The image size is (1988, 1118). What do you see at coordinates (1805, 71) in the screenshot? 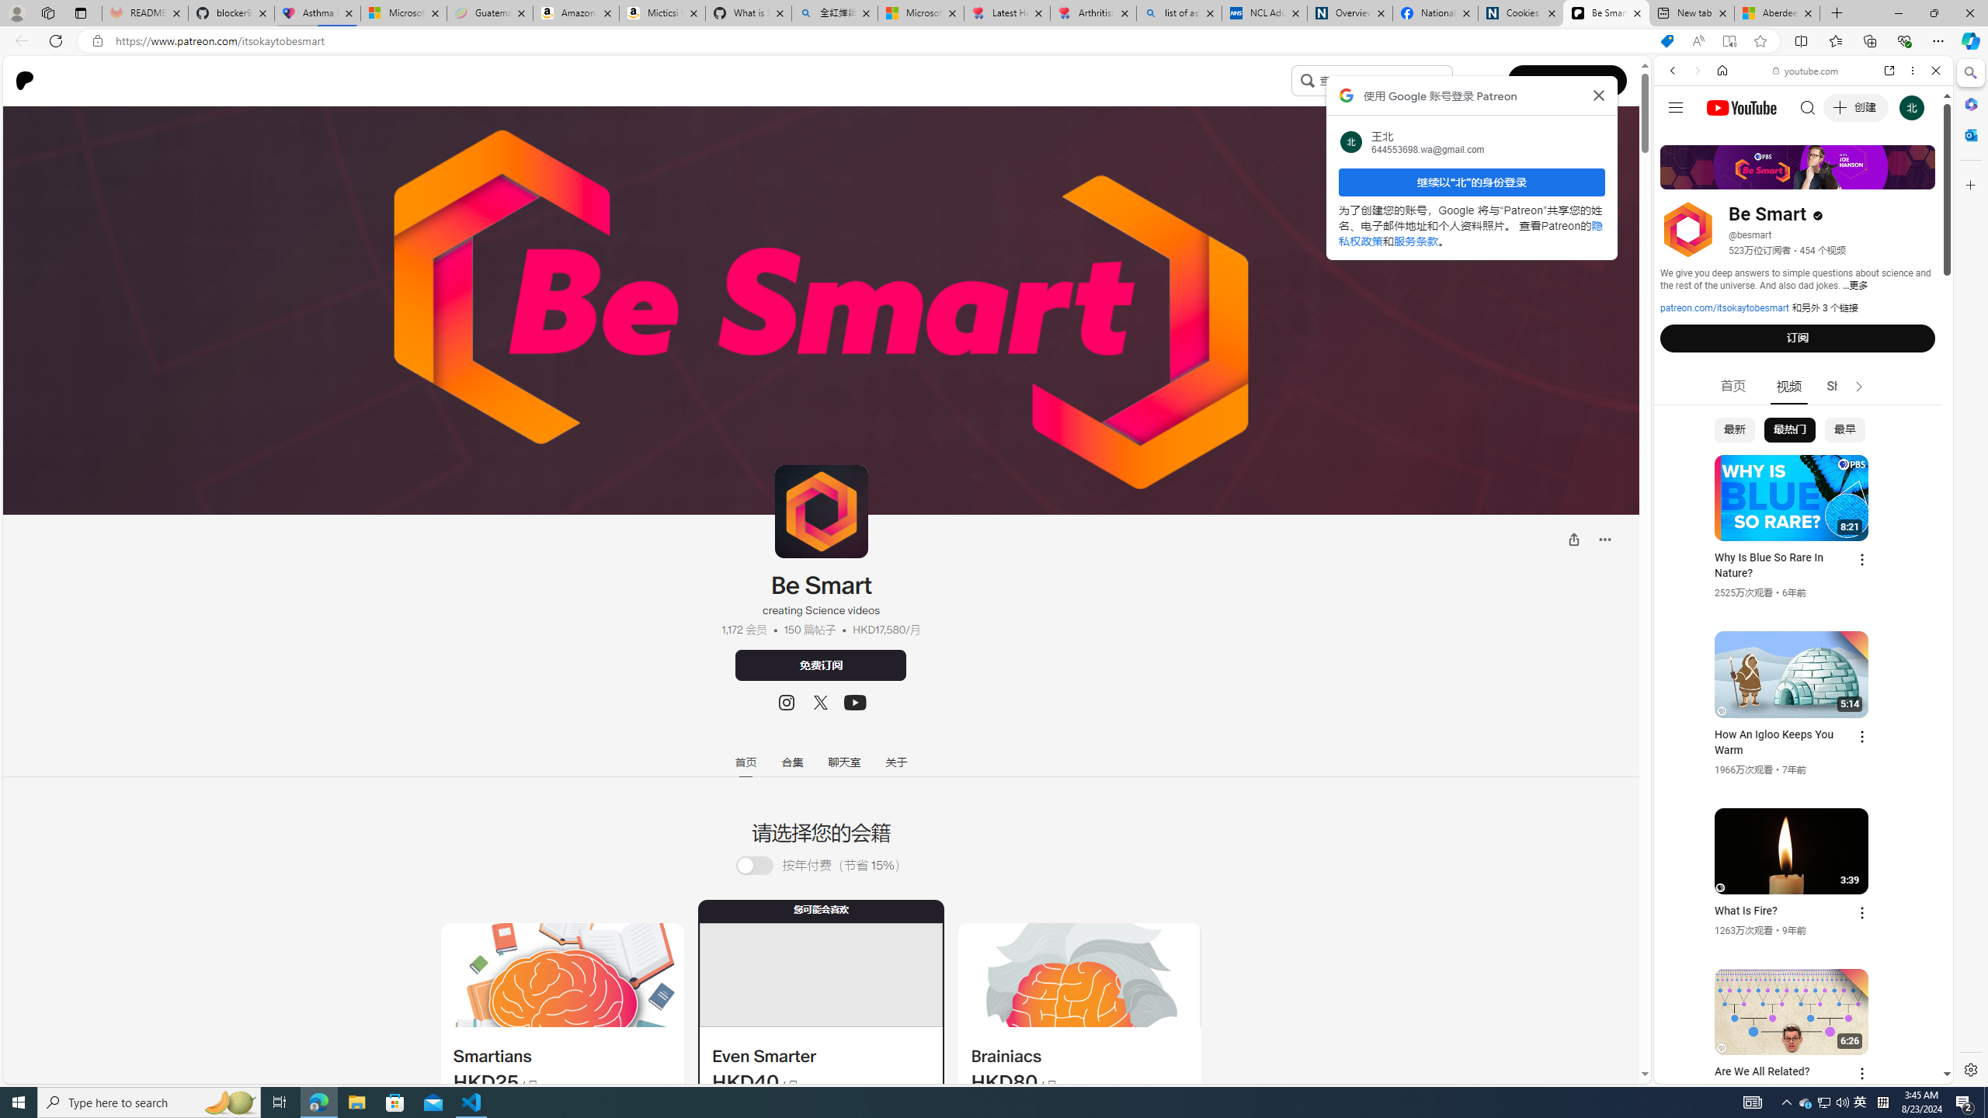
I see `'youtube.com'` at bounding box center [1805, 71].